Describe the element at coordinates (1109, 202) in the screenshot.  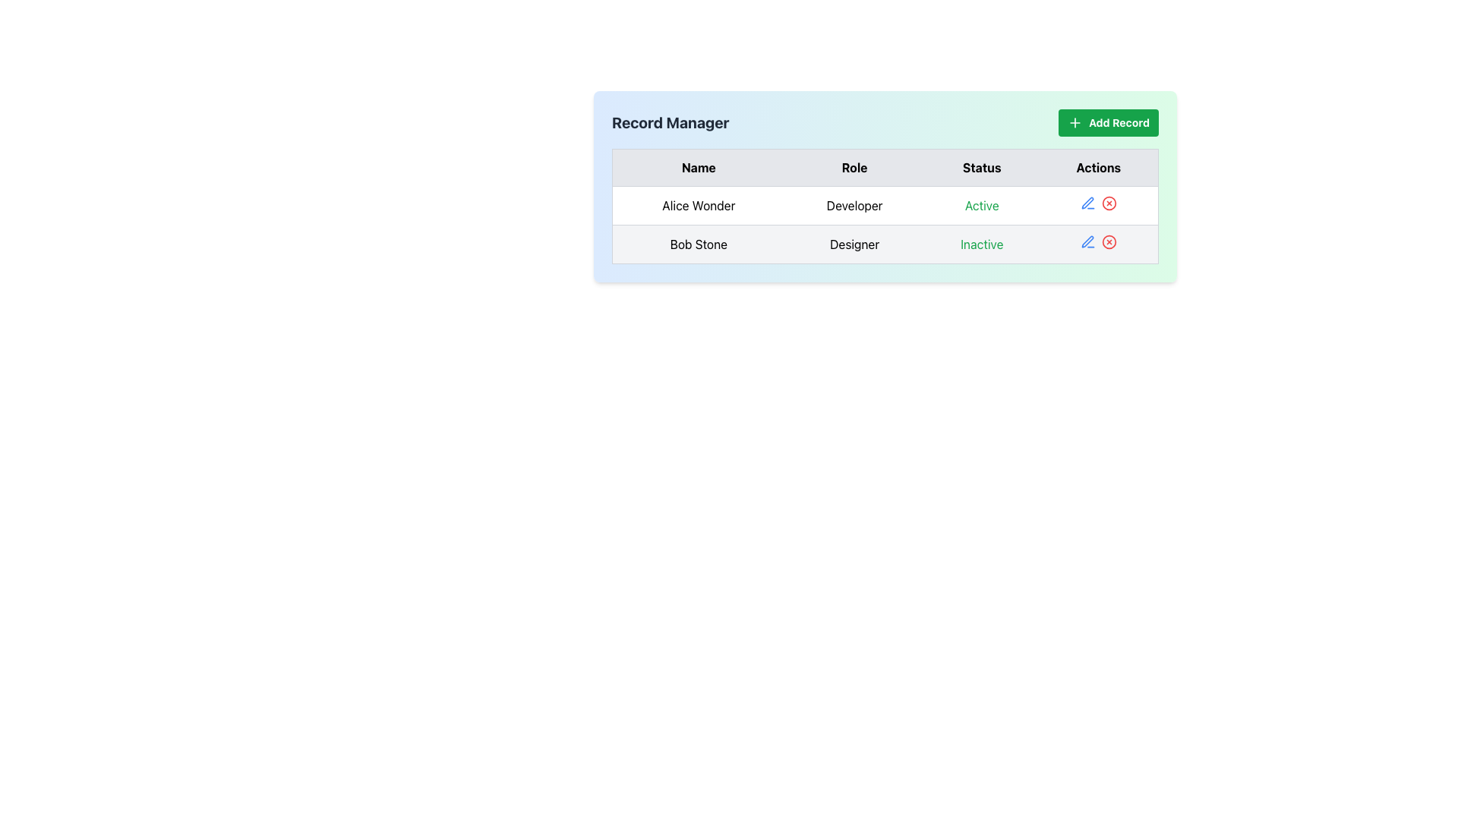
I see `the delete button in the 'Actions' column of the first row in the table` at that location.